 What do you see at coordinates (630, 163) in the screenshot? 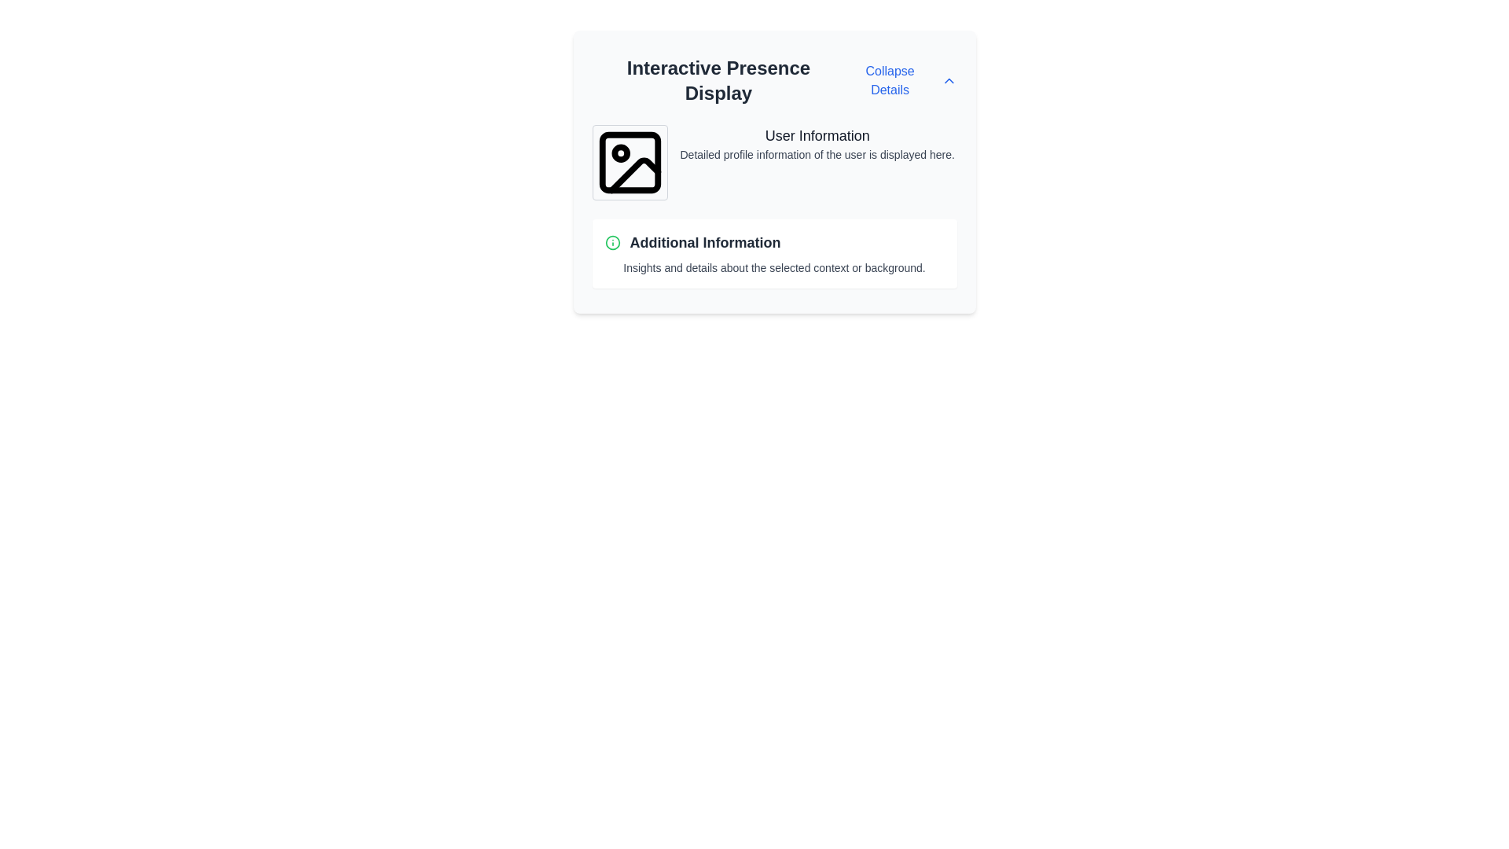
I see `the icon styled as a bordered square with rounded corners, located in the upper-left corner of the 'User Information' section` at bounding box center [630, 163].